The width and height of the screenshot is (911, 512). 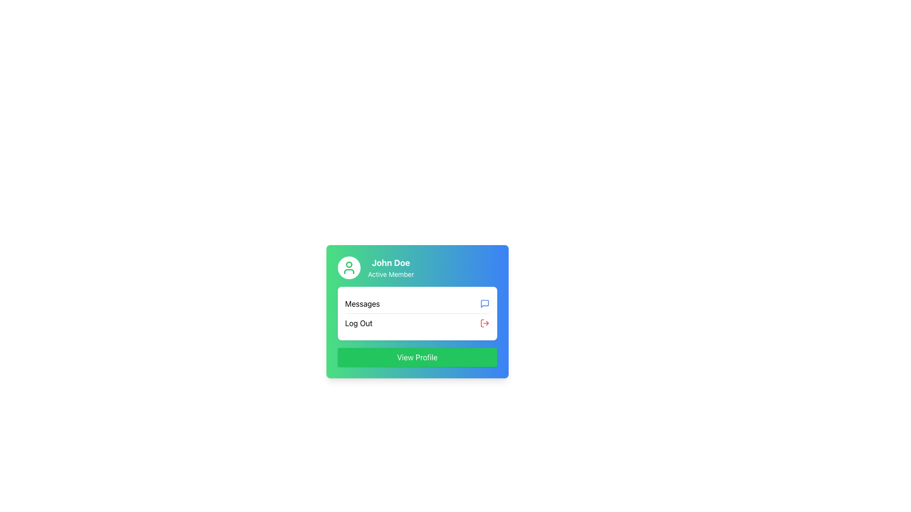 What do you see at coordinates (484, 303) in the screenshot?
I see `the messaging icon located to the right of the 'Messages' text, which is the first icon in the list under the 'Messages' label` at bounding box center [484, 303].